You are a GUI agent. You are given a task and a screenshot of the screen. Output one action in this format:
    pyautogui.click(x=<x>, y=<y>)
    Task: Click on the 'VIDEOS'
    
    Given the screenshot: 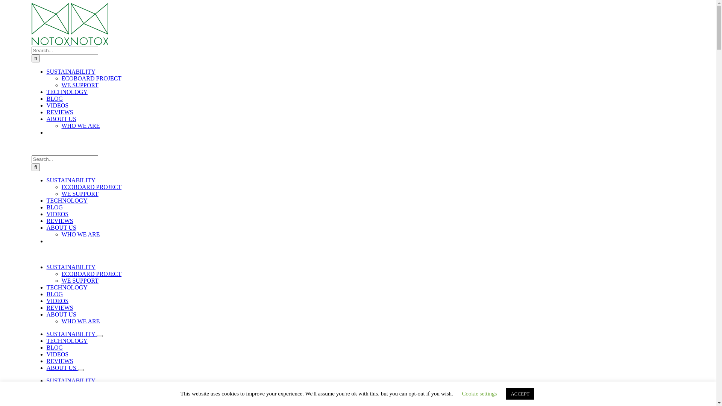 What is the action you would take?
    pyautogui.click(x=57, y=400)
    